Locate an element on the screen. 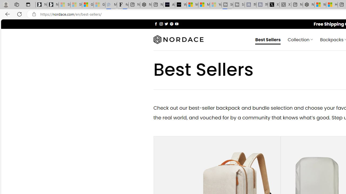 The width and height of the screenshot is (346, 194). 'Follow on Facebook' is located at coordinates (156, 23).